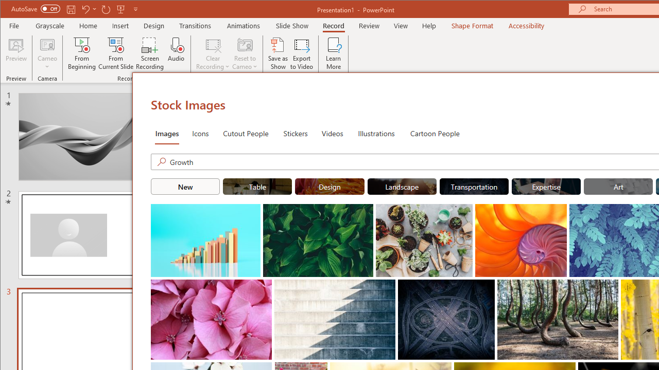 This screenshot has height=370, width=659. Describe the element at coordinates (82, 53) in the screenshot. I see `'From Beginning...'` at that location.